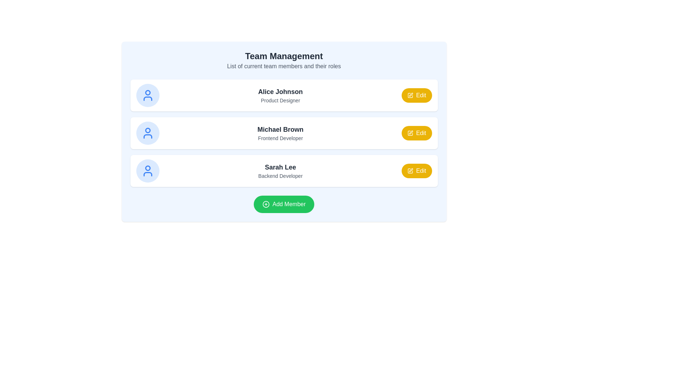 The image size is (696, 392). I want to click on the text label that describes the action of editing user information for 'Alice Johnson', located on the rightmost edge of the associated button, so click(421, 95).